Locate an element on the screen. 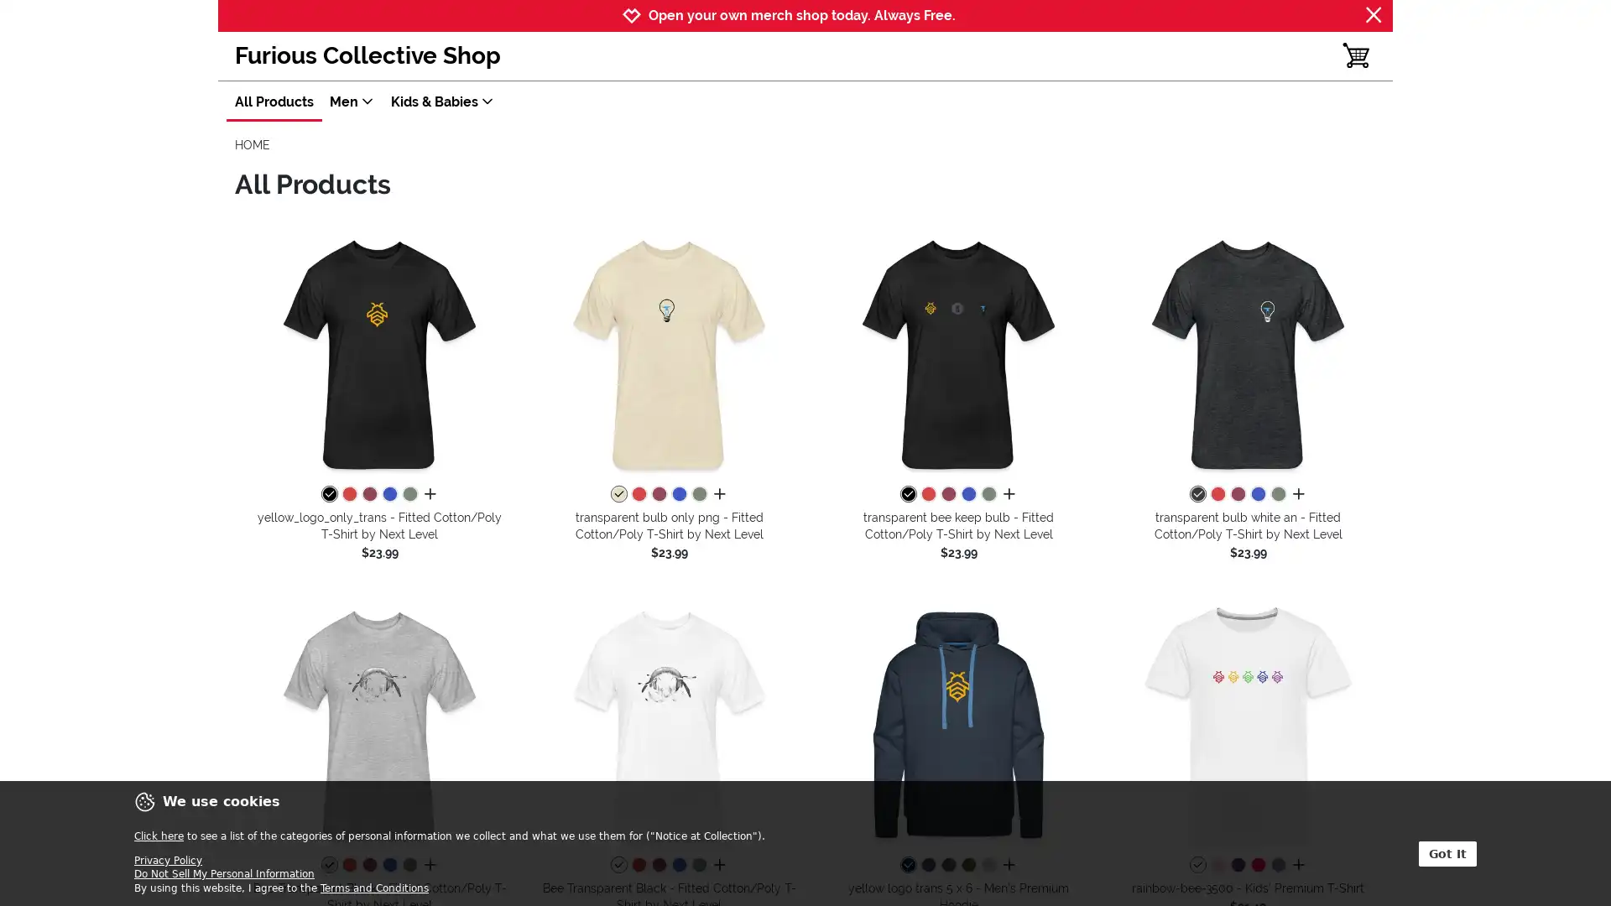 This screenshot has width=1611, height=906. Bee Transparent Black - Fitted Cotton/Poly T-Shirt by Next Level is located at coordinates (378, 723).